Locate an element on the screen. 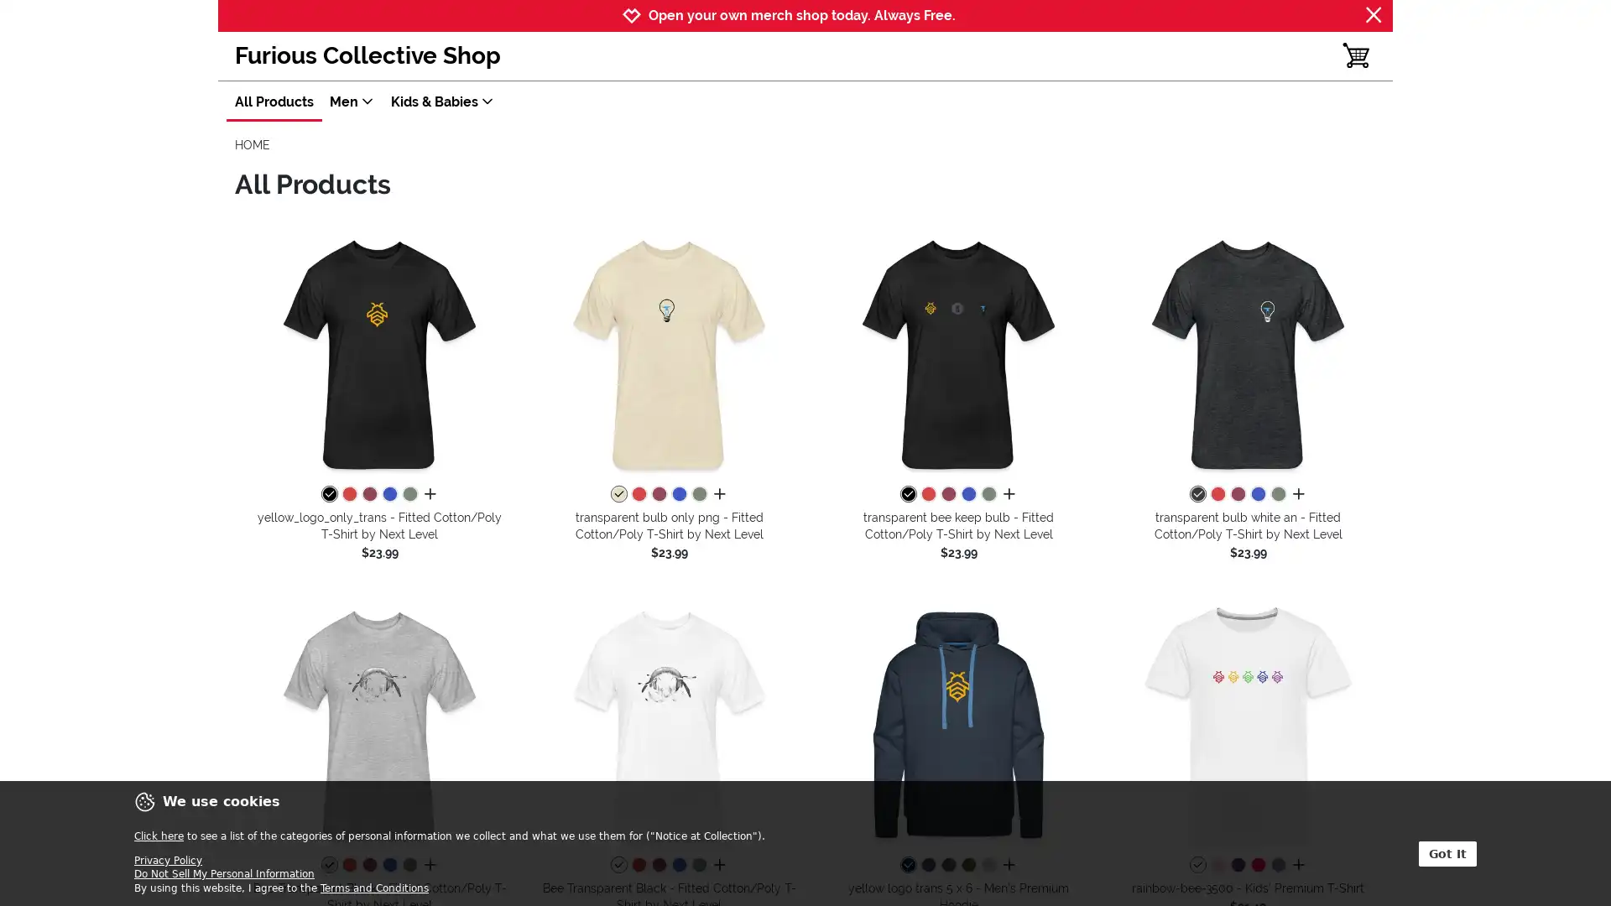 This screenshot has width=1611, height=906. Bee Transparent Black - Fitted Cotton/Poly T-Shirt by Next Level is located at coordinates (378, 723).